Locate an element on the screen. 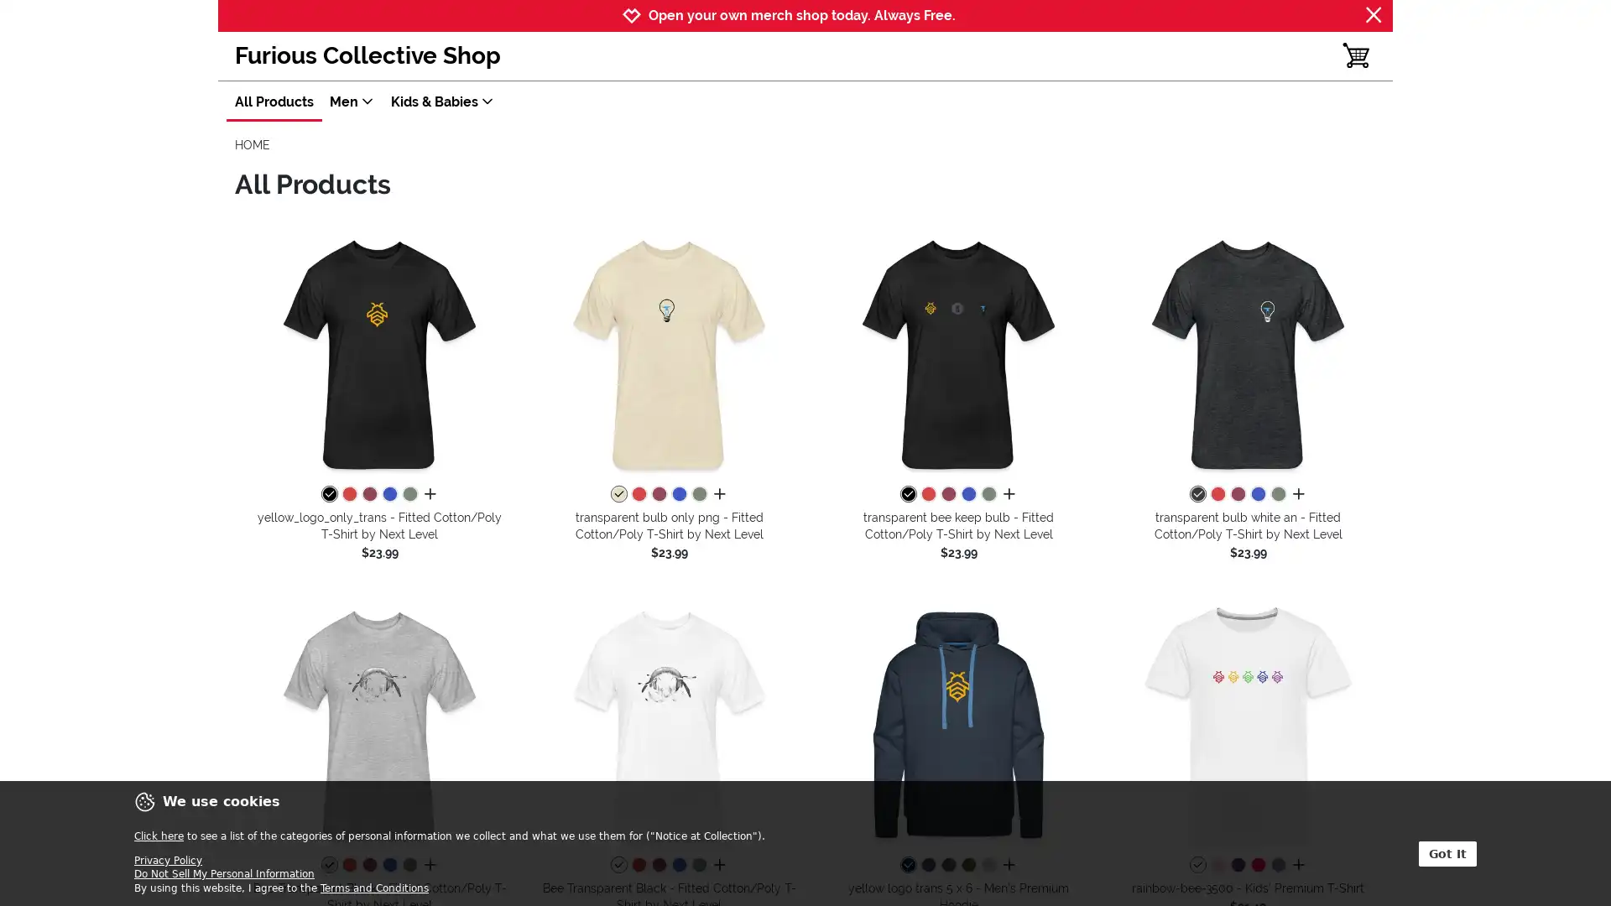 This screenshot has width=1611, height=906. Bee Transparent Black - Fitted Cotton/Poly T-Shirt by Next Level is located at coordinates (378, 723).